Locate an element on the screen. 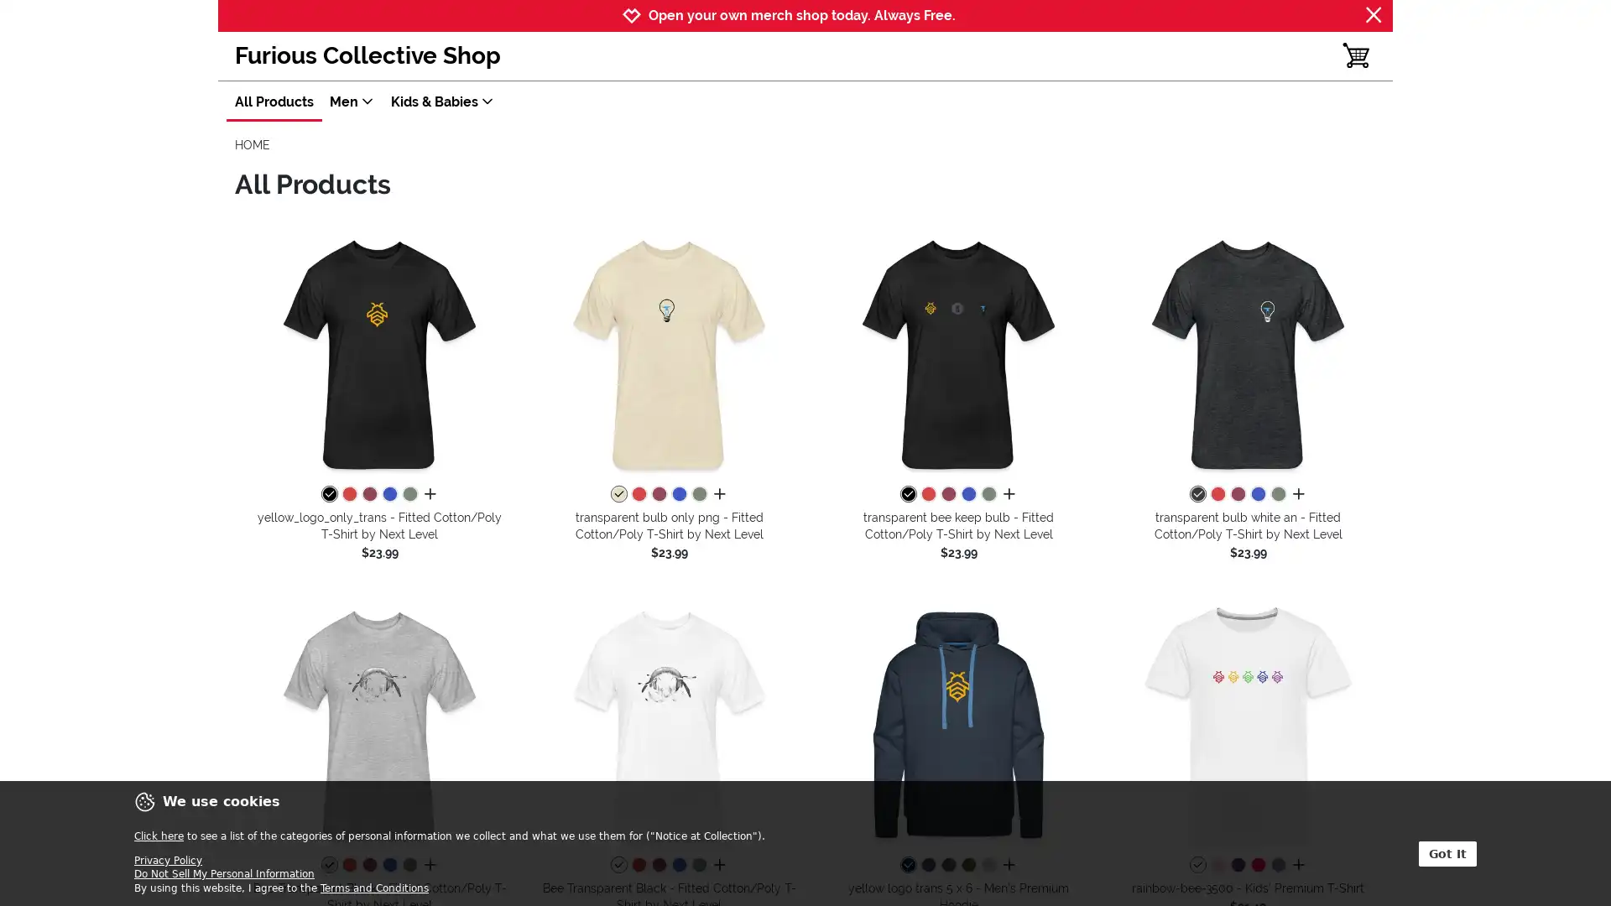 This screenshot has width=1611, height=906. Bee Transparent Black - Fitted Cotton/Poly T-Shirt by Next Level is located at coordinates (378, 723).